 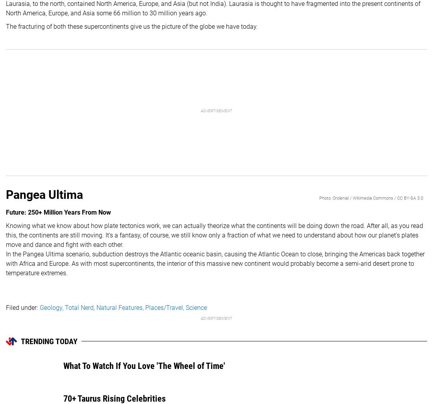 What do you see at coordinates (373, 197) in the screenshot?
I see `'Wikimedia Commons'` at bounding box center [373, 197].